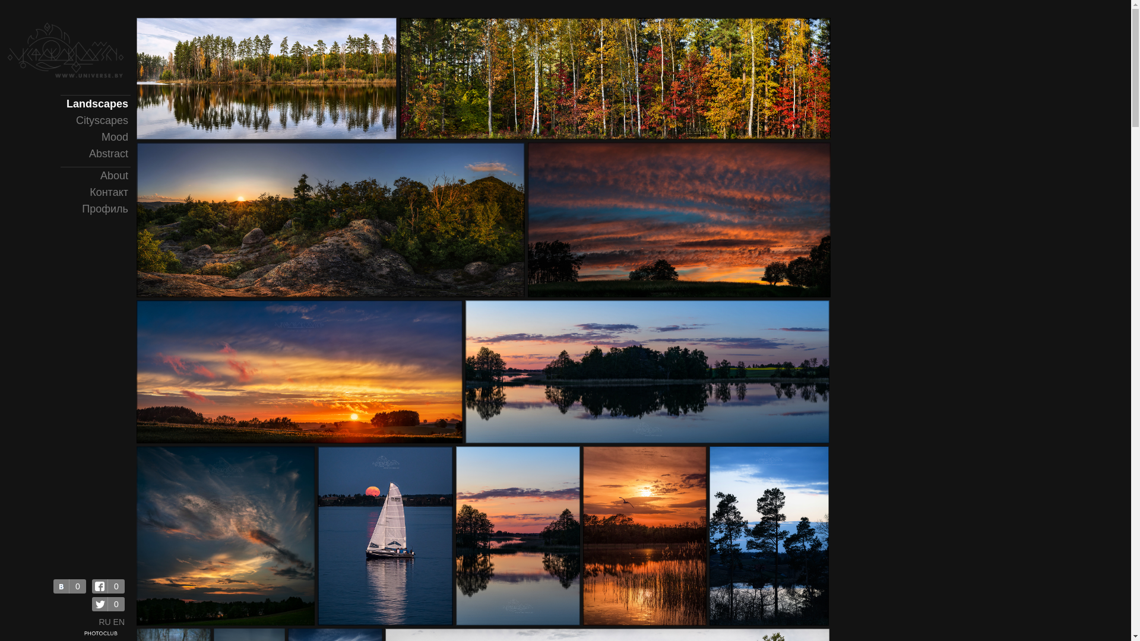 This screenshot has height=641, width=1140. Describe the element at coordinates (104, 621) in the screenshot. I see `'RU'` at that location.